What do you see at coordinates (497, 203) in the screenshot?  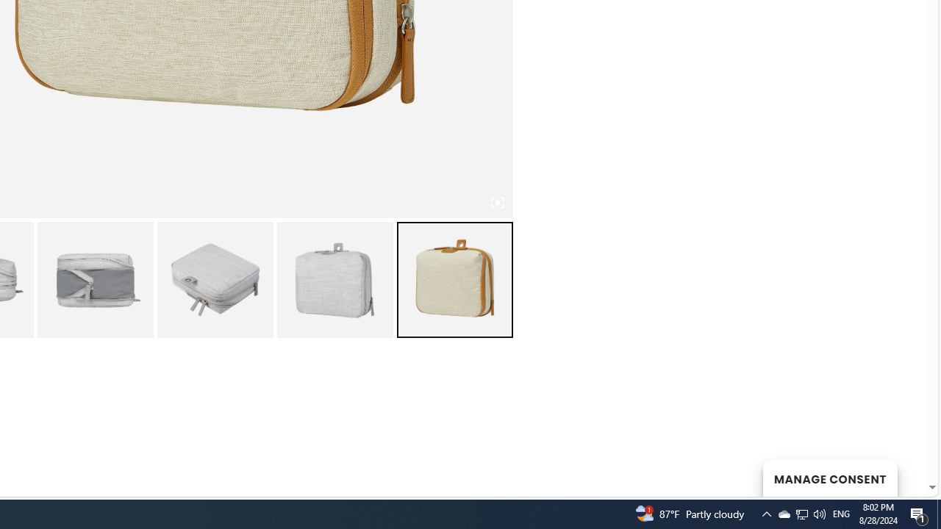 I see `'Class: iconic-woothumbs-fullscreen'` at bounding box center [497, 203].